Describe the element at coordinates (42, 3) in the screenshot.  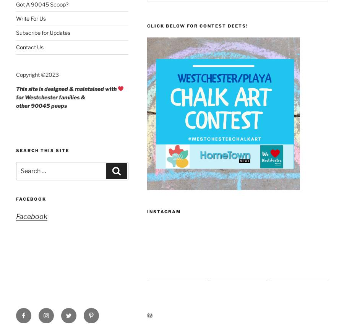
I see `'Got A 90045 Scoop?'` at that location.